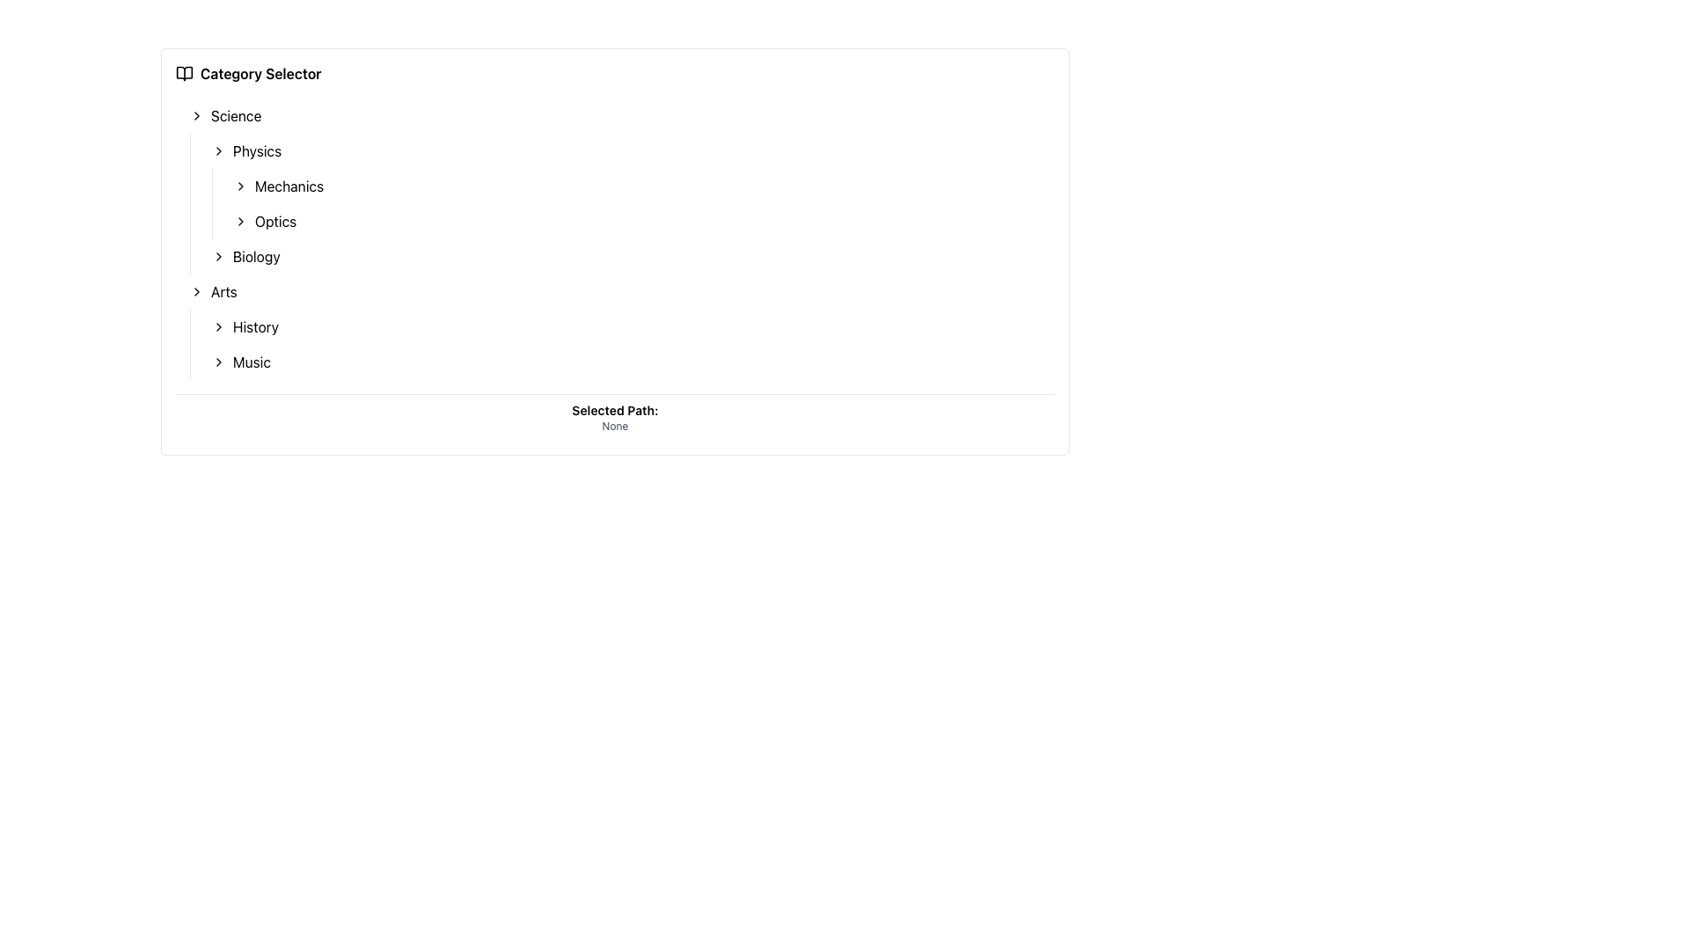  I want to click on the rightward-pointing chevron icon button located to the left of the 'Biology' text, so click(218, 257).